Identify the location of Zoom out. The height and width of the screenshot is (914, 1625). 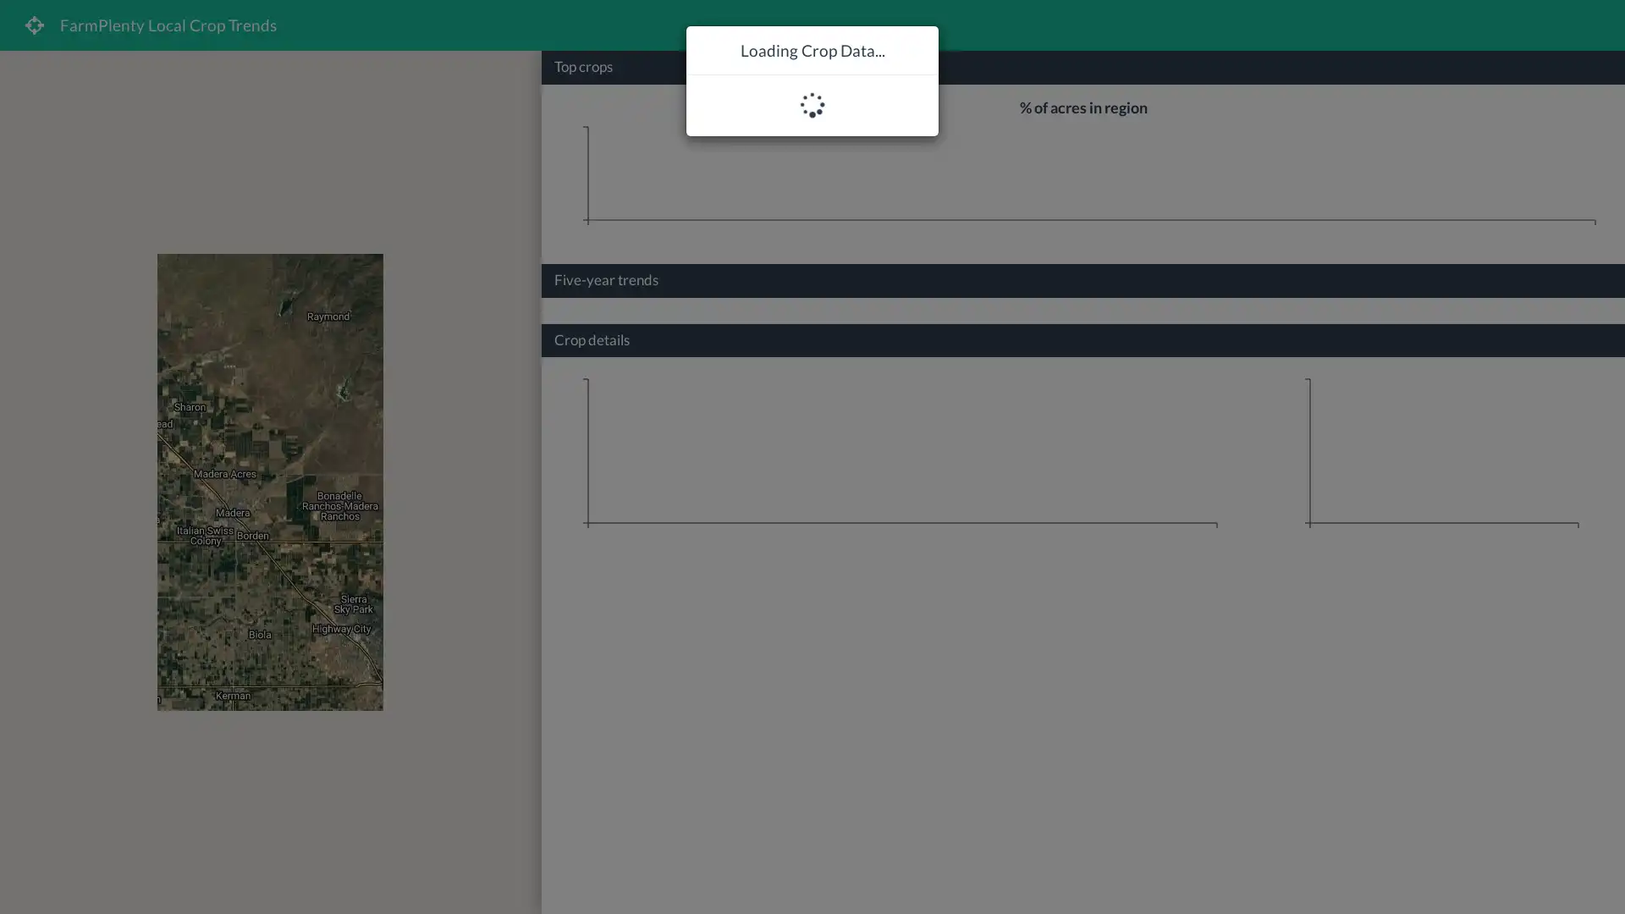
(515, 876).